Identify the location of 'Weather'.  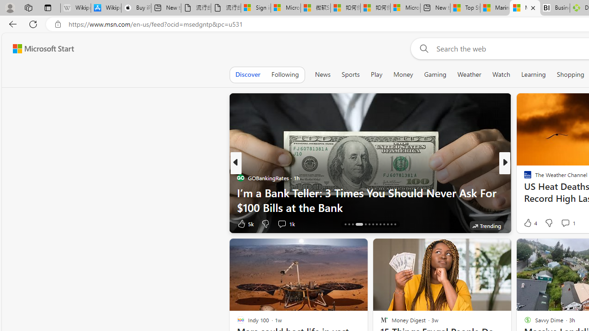
(469, 74).